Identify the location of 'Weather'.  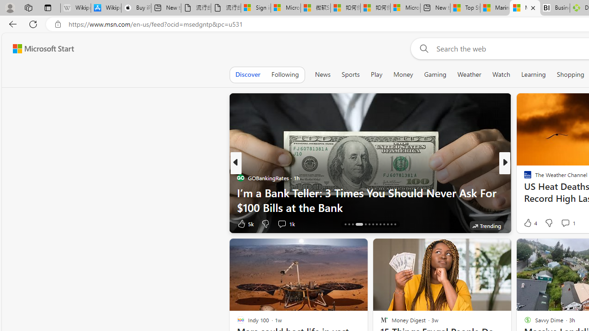
(469, 74).